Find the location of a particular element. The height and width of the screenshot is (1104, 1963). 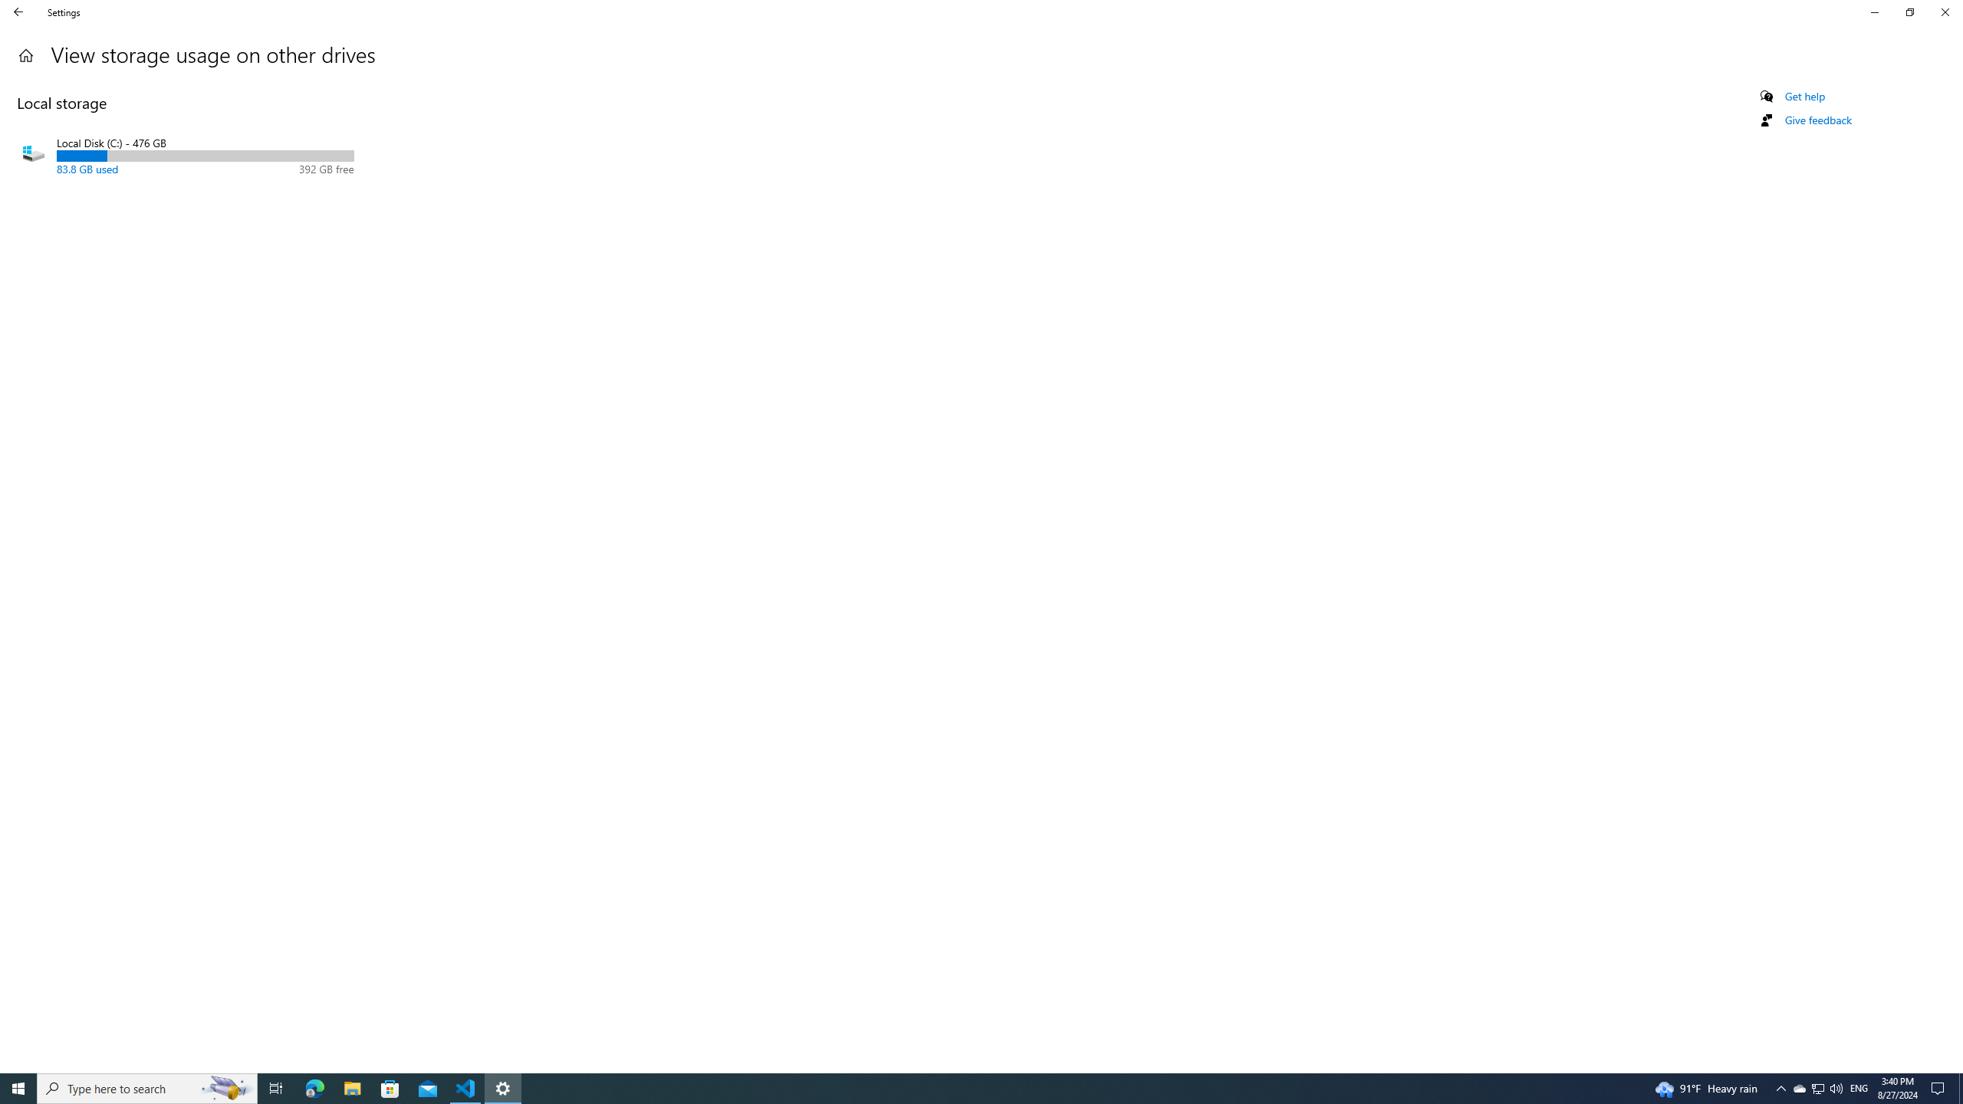

'User Promoted Notification Area' is located at coordinates (1817, 1087).